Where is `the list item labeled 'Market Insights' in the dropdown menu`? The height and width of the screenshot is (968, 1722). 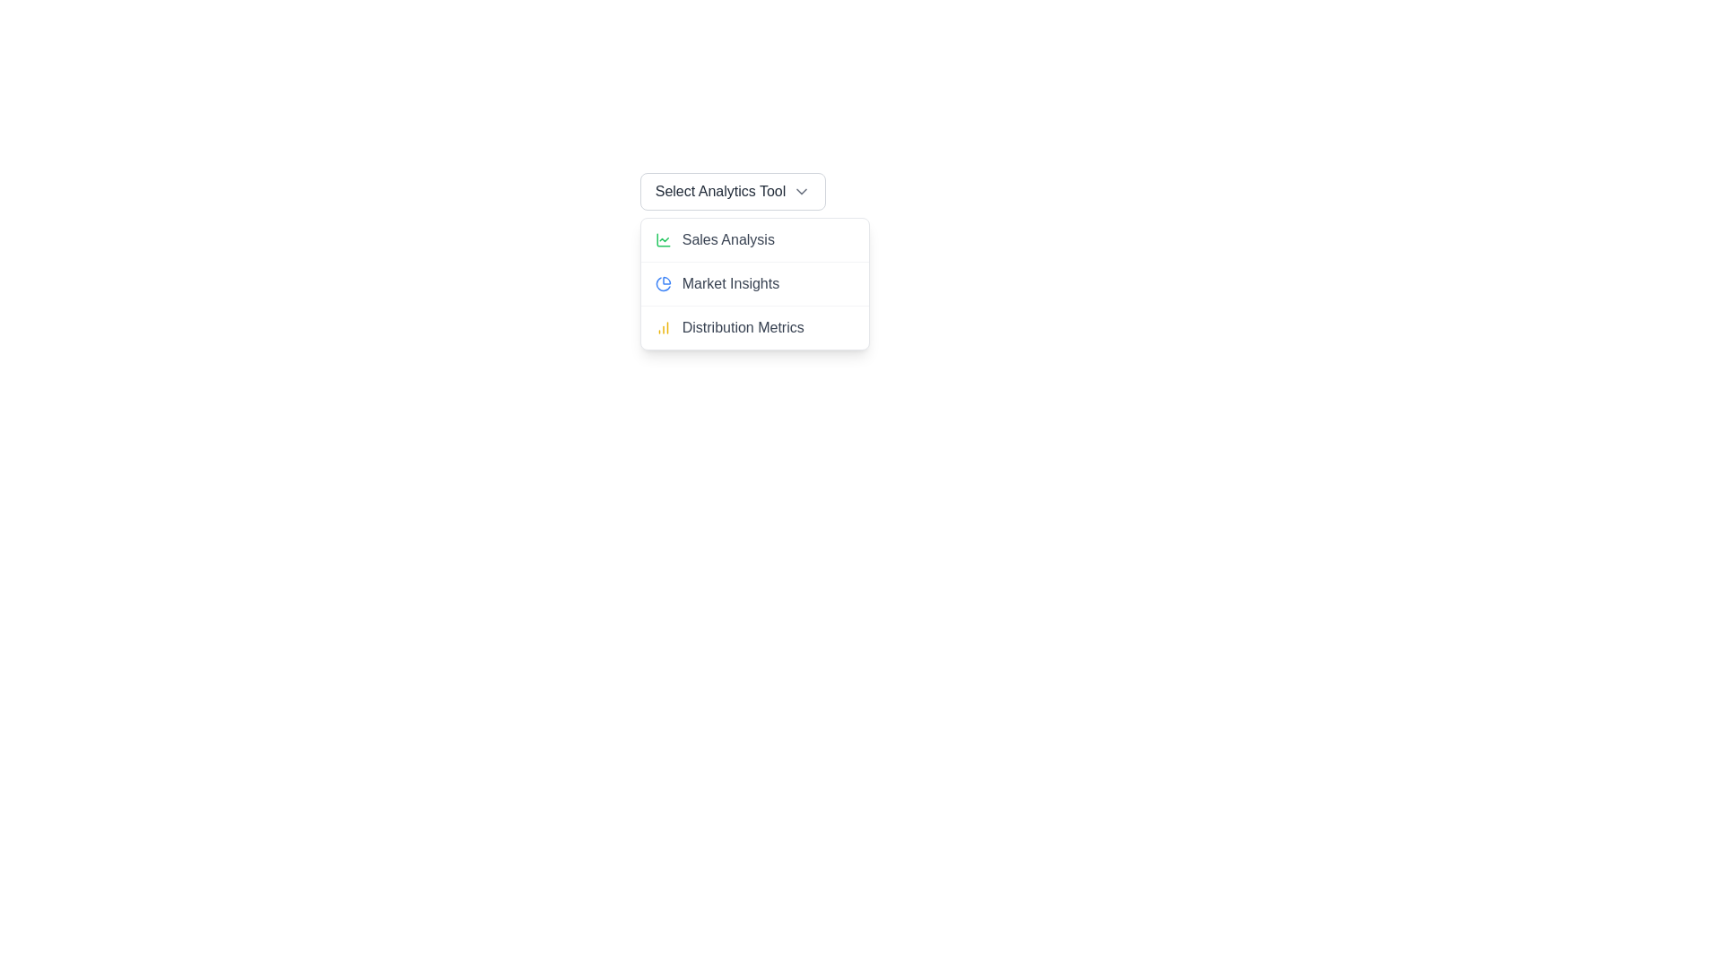 the list item labeled 'Market Insights' in the dropdown menu is located at coordinates (754, 282).